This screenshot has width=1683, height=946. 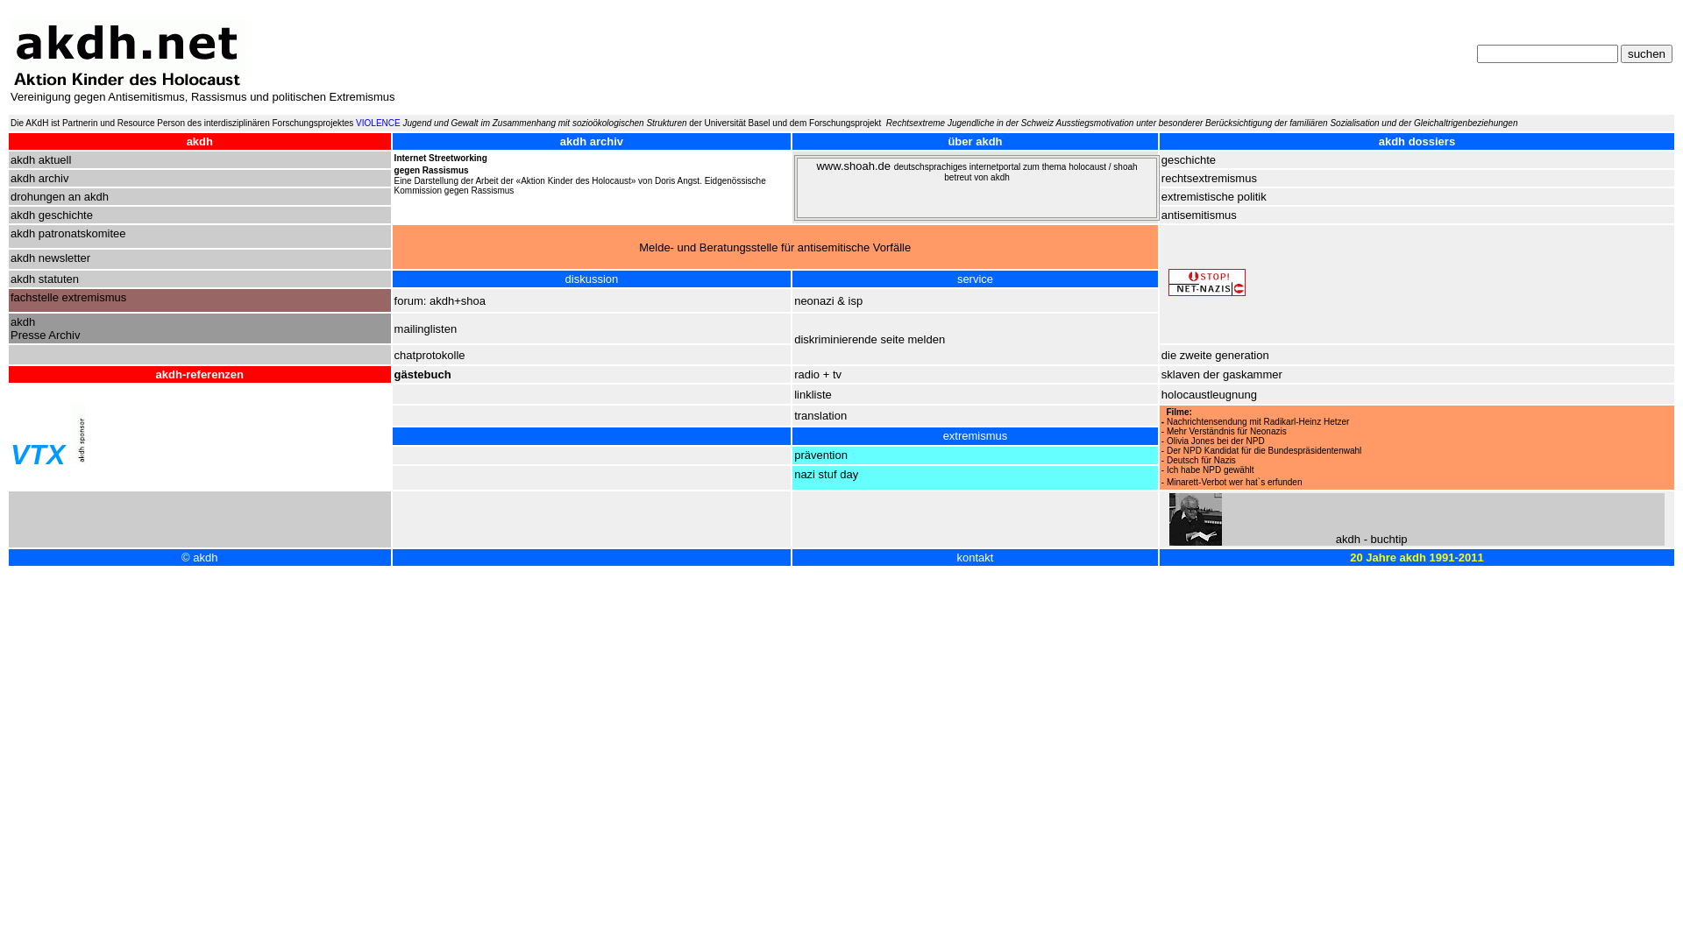 What do you see at coordinates (11, 296) in the screenshot?
I see `'fachstelle extremismus'` at bounding box center [11, 296].